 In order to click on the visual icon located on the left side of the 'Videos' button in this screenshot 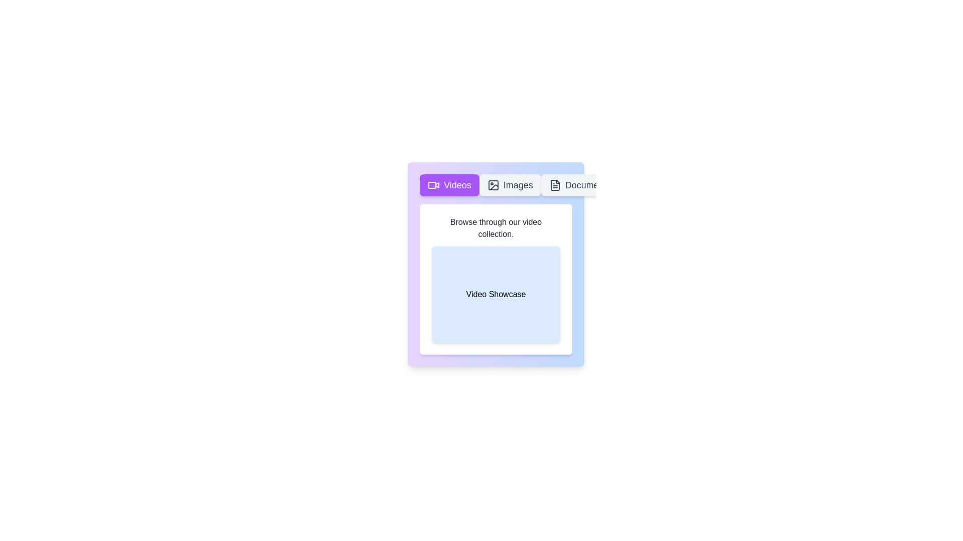, I will do `click(433, 185)`.